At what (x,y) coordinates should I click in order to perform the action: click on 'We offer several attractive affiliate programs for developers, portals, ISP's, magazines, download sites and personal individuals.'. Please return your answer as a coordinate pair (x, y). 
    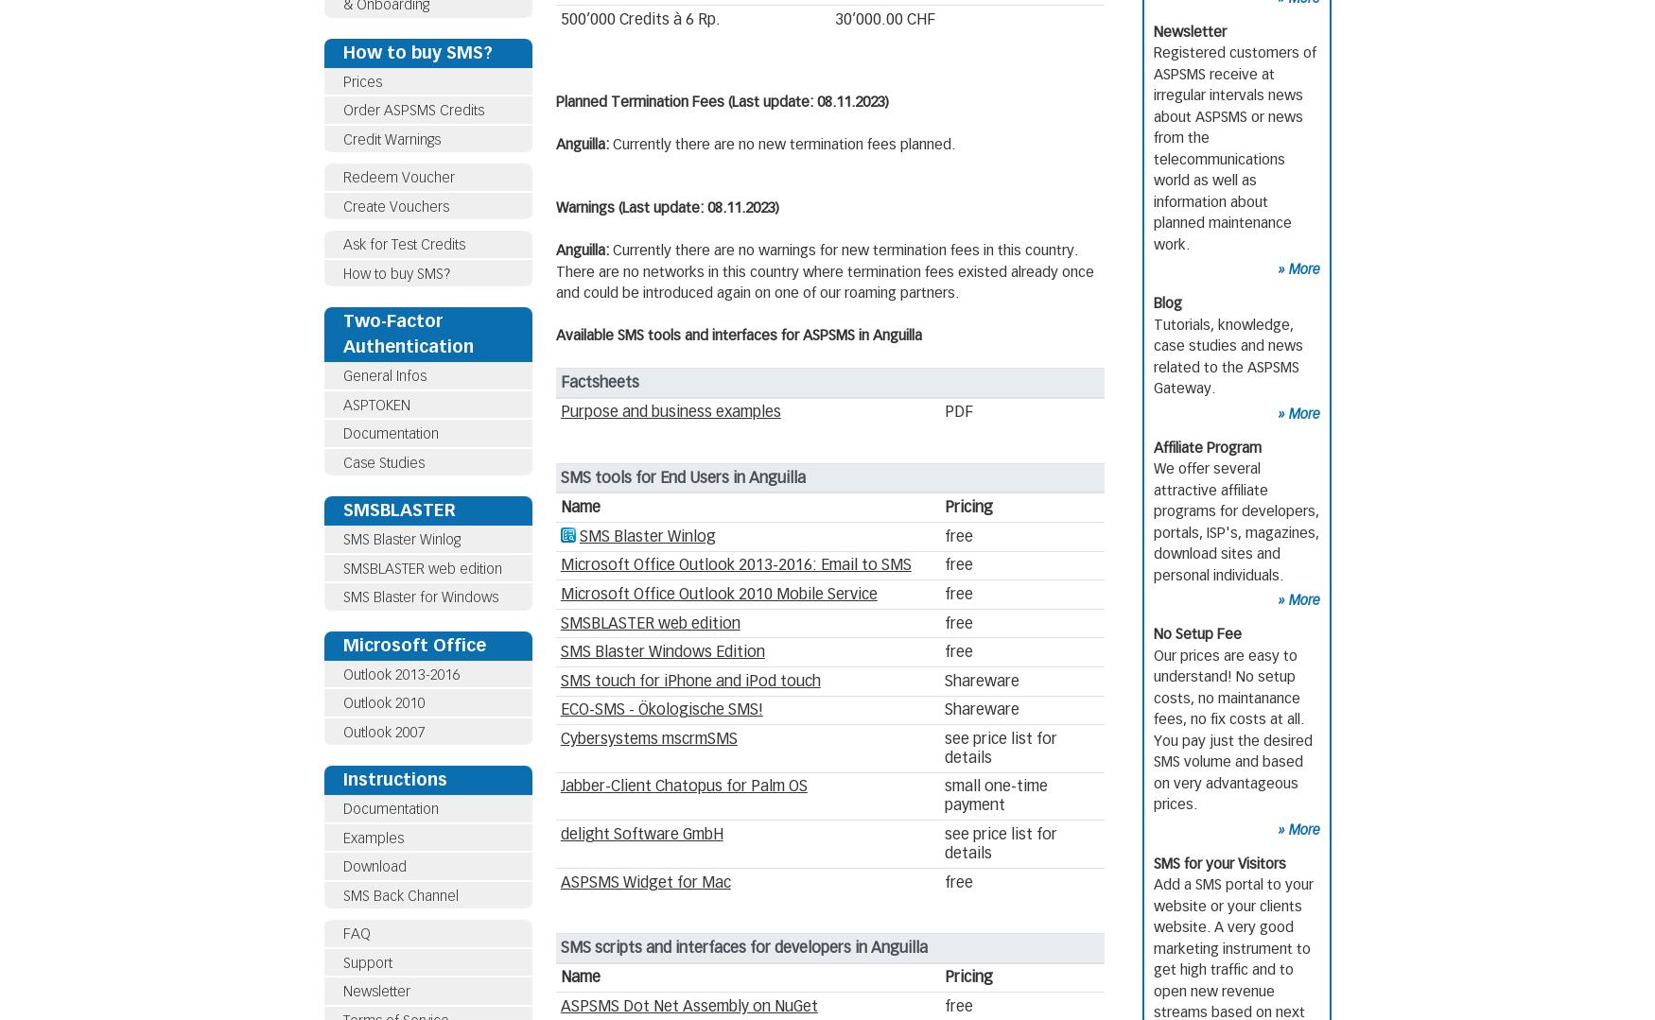
    Looking at the image, I should click on (1235, 521).